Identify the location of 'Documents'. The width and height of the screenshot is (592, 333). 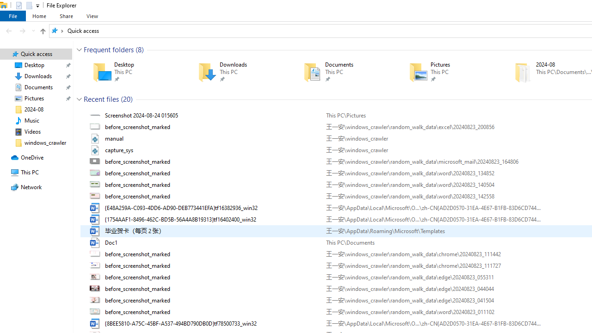
(342, 72).